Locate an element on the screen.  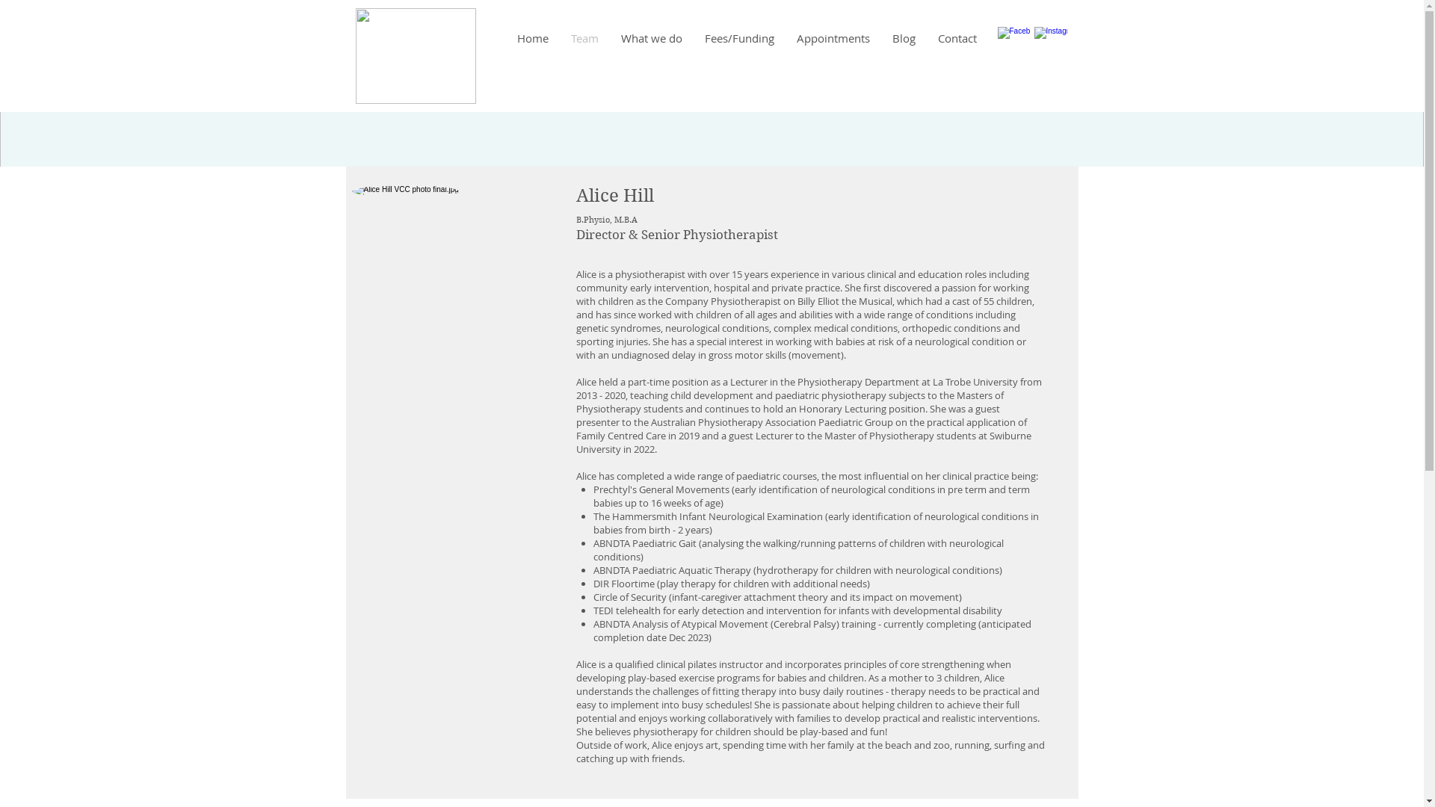
'logo FINAL illustrator.png' is located at coordinates (416, 55).